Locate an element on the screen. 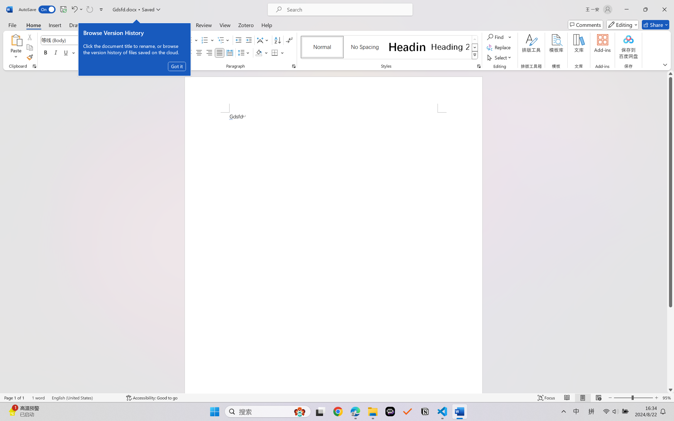 The width and height of the screenshot is (674, 421). 'Row up' is located at coordinates (474, 39).